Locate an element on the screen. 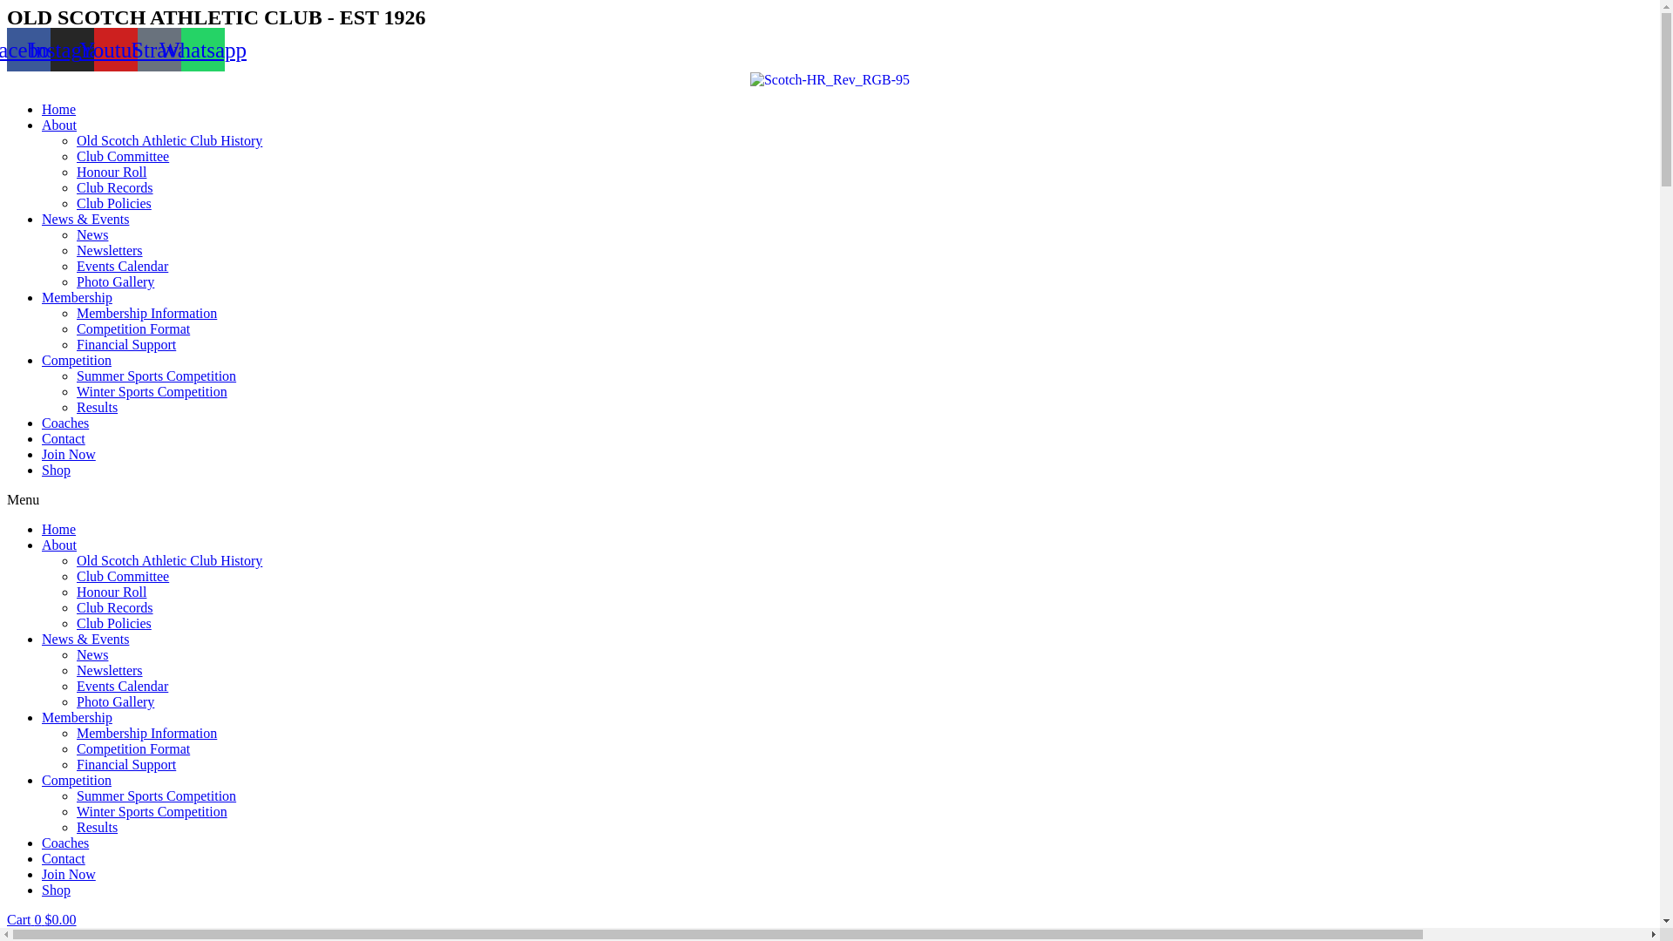 This screenshot has width=1673, height=941. 'Scotch-HR_Rev_RGB-95' is located at coordinates (829, 80).